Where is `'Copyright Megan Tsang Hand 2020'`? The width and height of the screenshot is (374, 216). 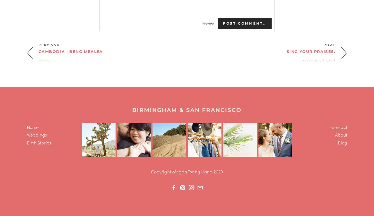 'Copyright Megan Tsang Hand 2020' is located at coordinates (151, 171).